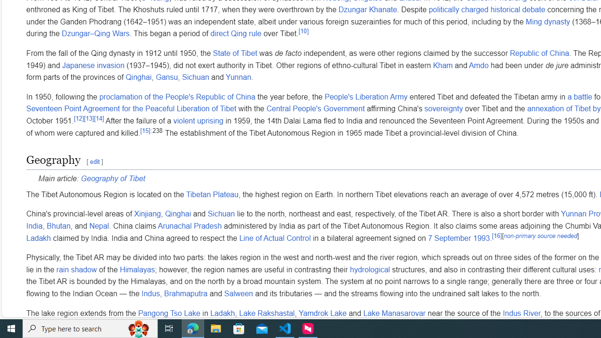  Describe the element at coordinates (34, 226) in the screenshot. I see `'India'` at that location.